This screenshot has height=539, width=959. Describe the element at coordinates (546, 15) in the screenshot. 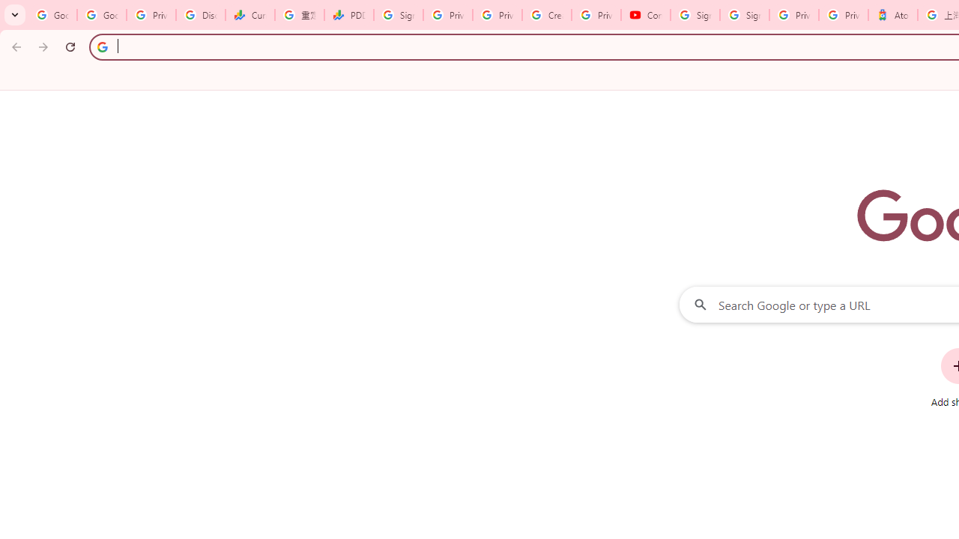

I see `'Create your Google Account'` at that location.